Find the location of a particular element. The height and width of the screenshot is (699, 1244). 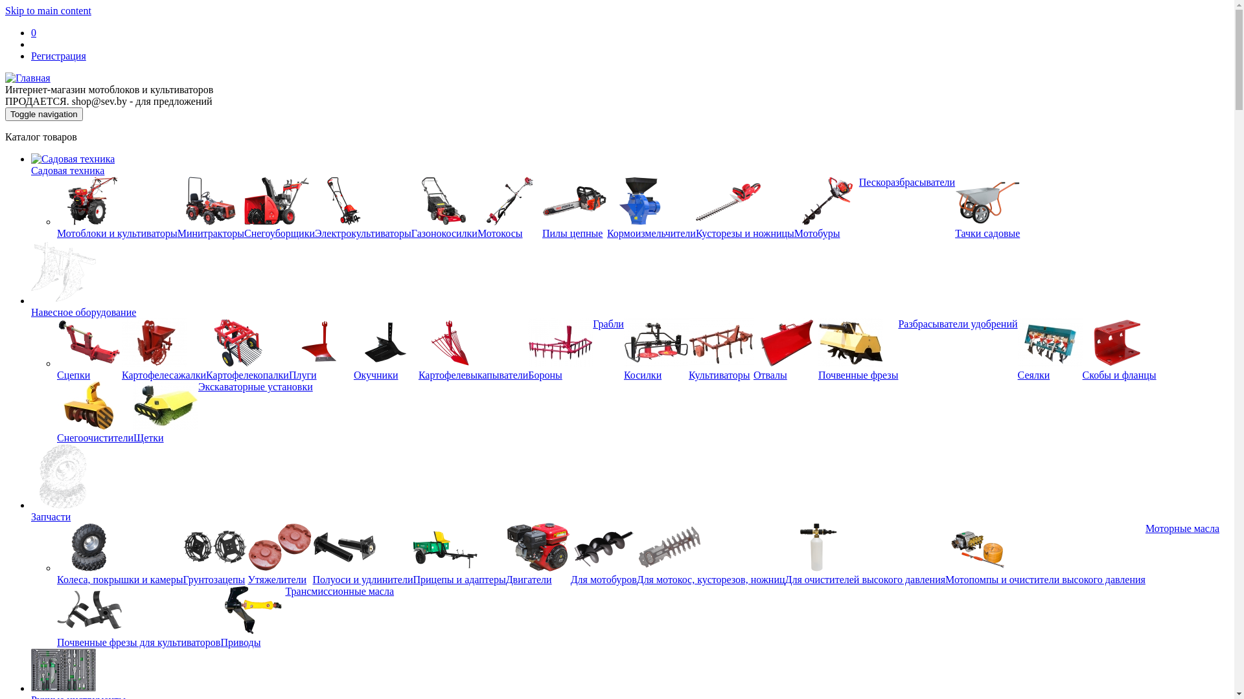

'Toggle navigation' is located at coordinates (43, 113).